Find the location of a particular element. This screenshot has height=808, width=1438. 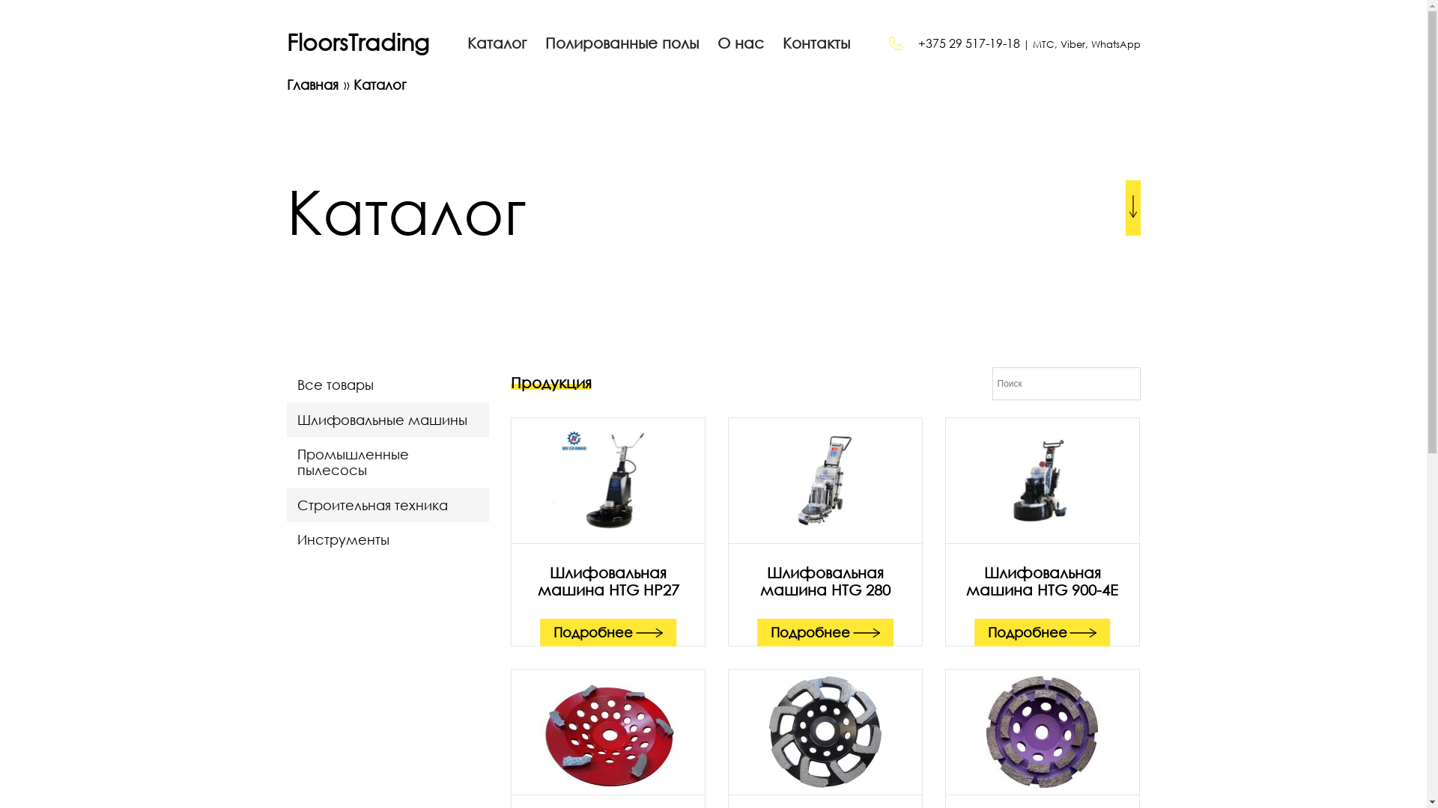

'FloorsTrading' is located at coordinates (356, 42).